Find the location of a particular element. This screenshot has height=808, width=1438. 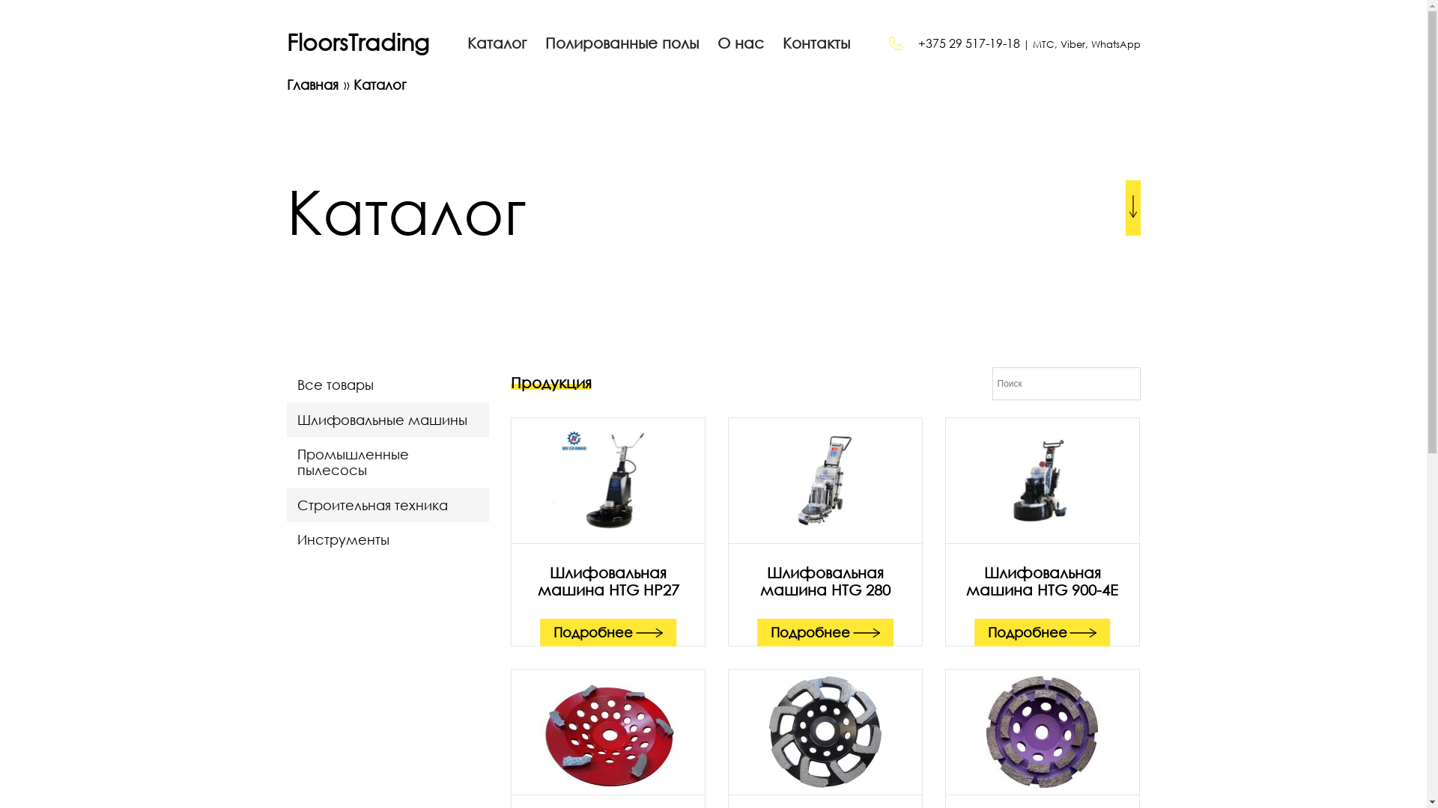

'FloorsTrading' is located at coordinates (356, 42).